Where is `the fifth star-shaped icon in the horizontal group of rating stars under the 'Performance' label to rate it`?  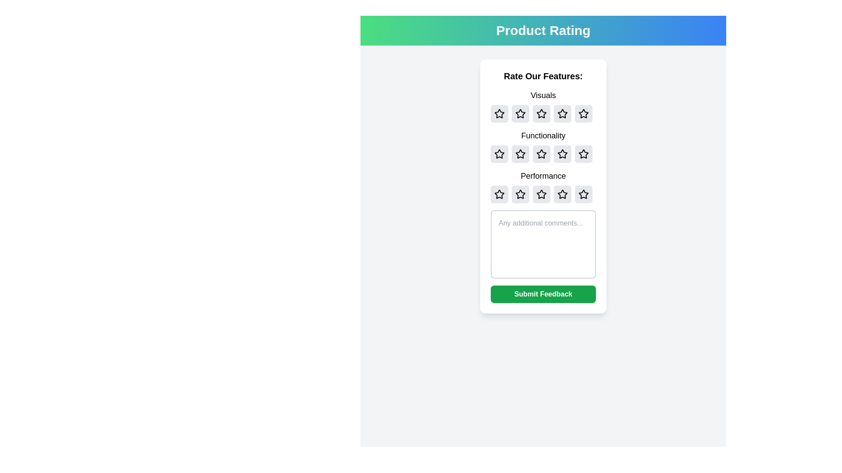
the fifth star-shaped icon in the horizontal group of rating stars under the 'Performance' label to rate it is located at coordinates (583, 194).